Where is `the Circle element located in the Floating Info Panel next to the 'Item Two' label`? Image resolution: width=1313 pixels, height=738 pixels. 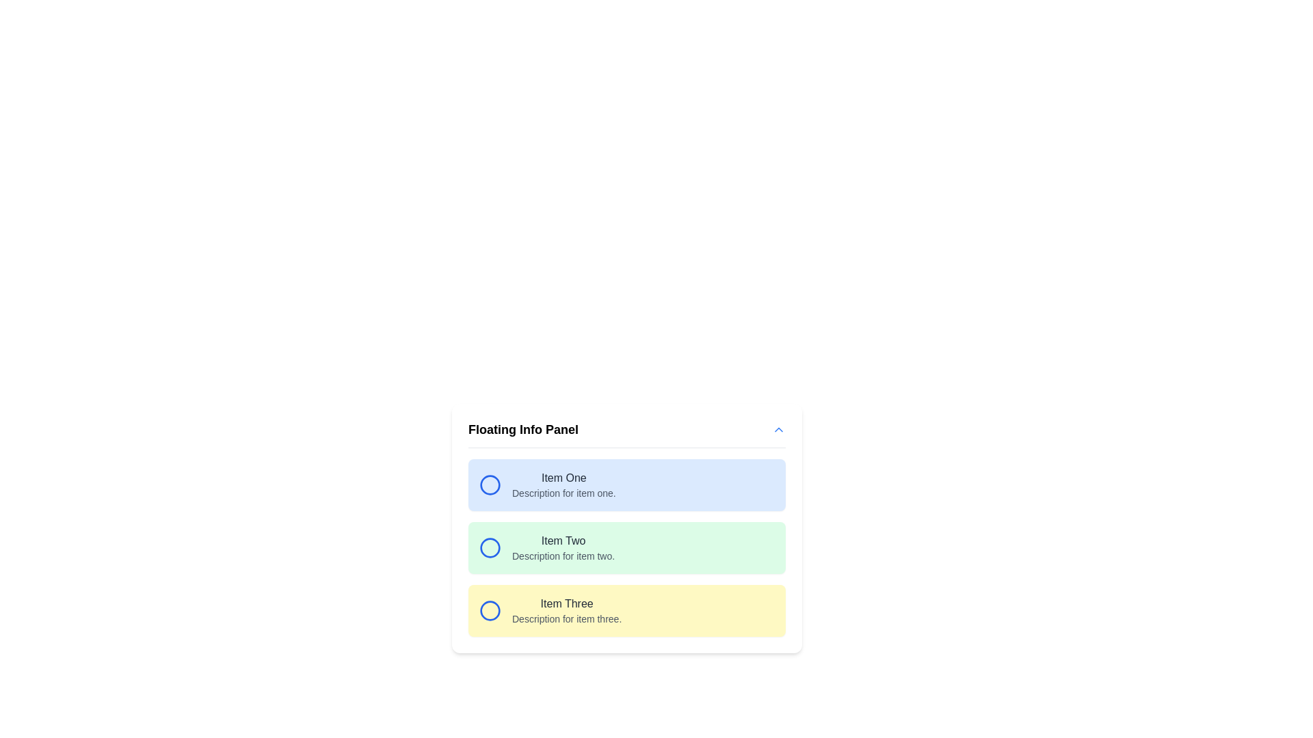 the Circle element located in the Floating Info Panel next to the 'Item Two' label is located at coordinates (490, 547).